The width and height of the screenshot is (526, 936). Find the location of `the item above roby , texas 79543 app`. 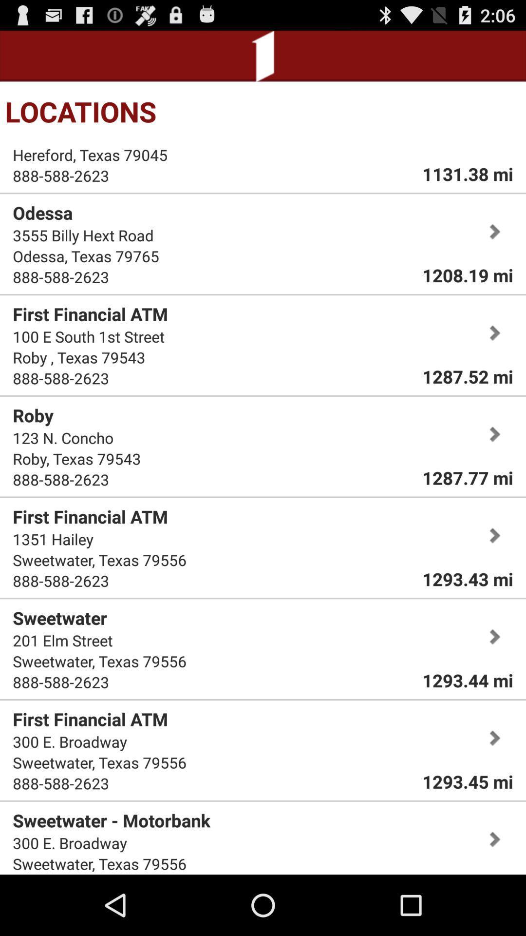

the item above roby , texas 79543 app is located at coordinates (89, 336).